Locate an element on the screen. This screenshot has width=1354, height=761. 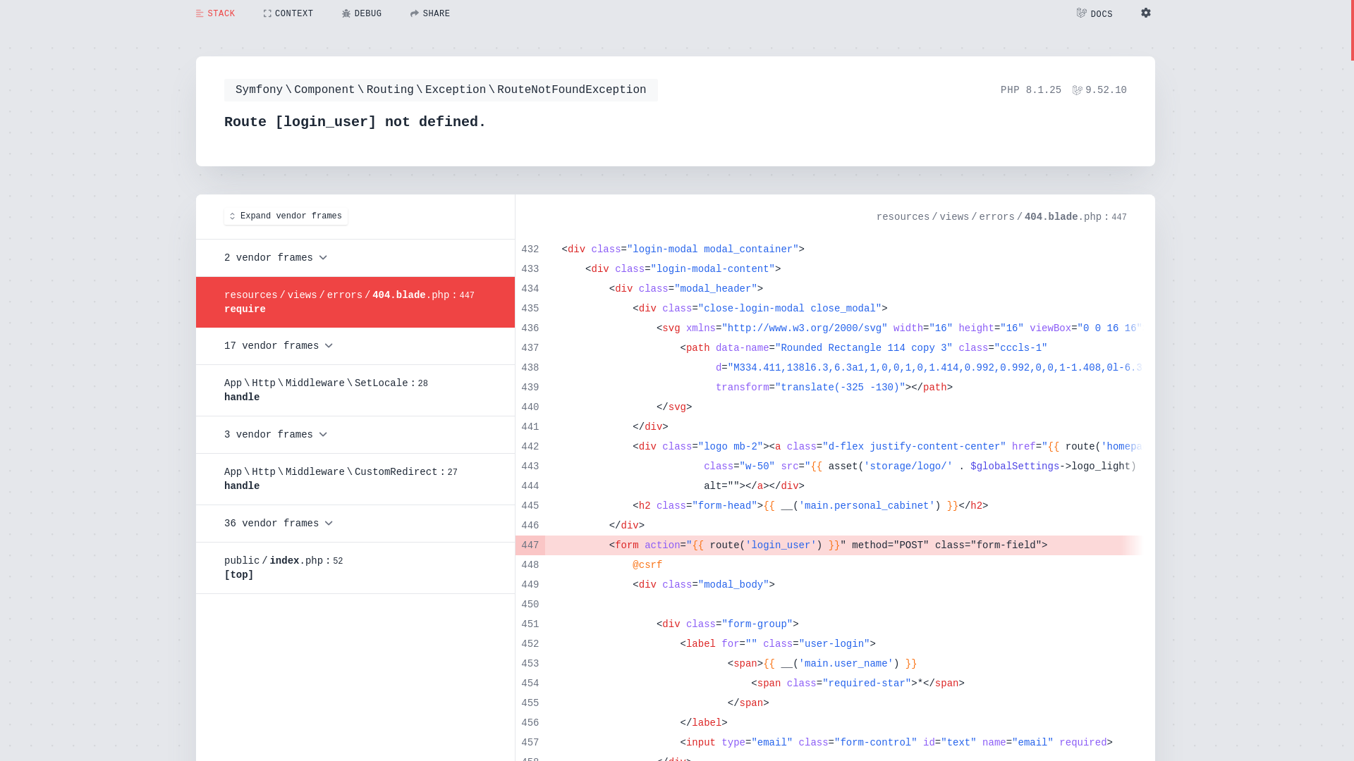
'Expand vendor frames' is located at coordinates (285, 216).